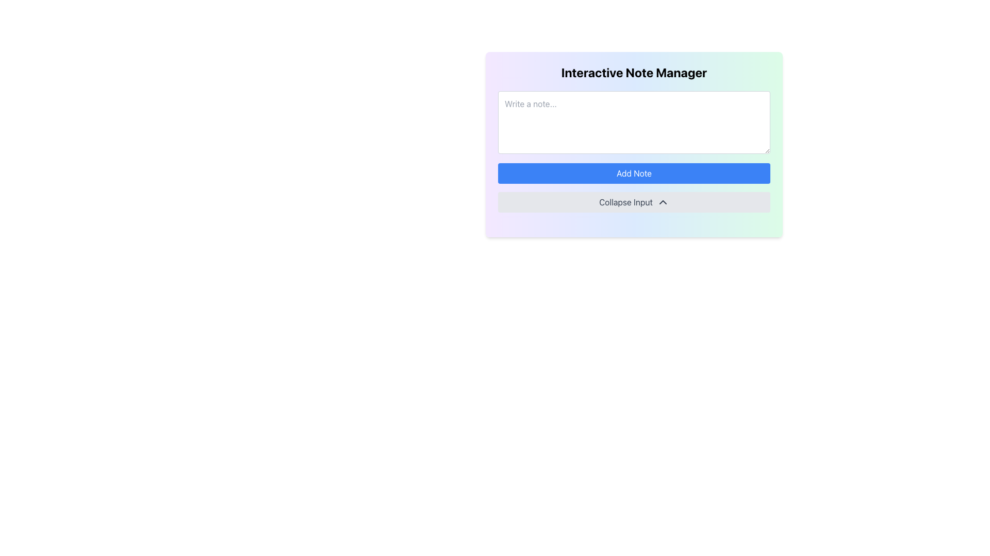 The image size is (990, 556). Describe the element at coordinates (633, 172) in the screenshot. I see `the blue button labeled 'Add Note' to change its appearance, which has a hover effect to a darker blue` at that location.